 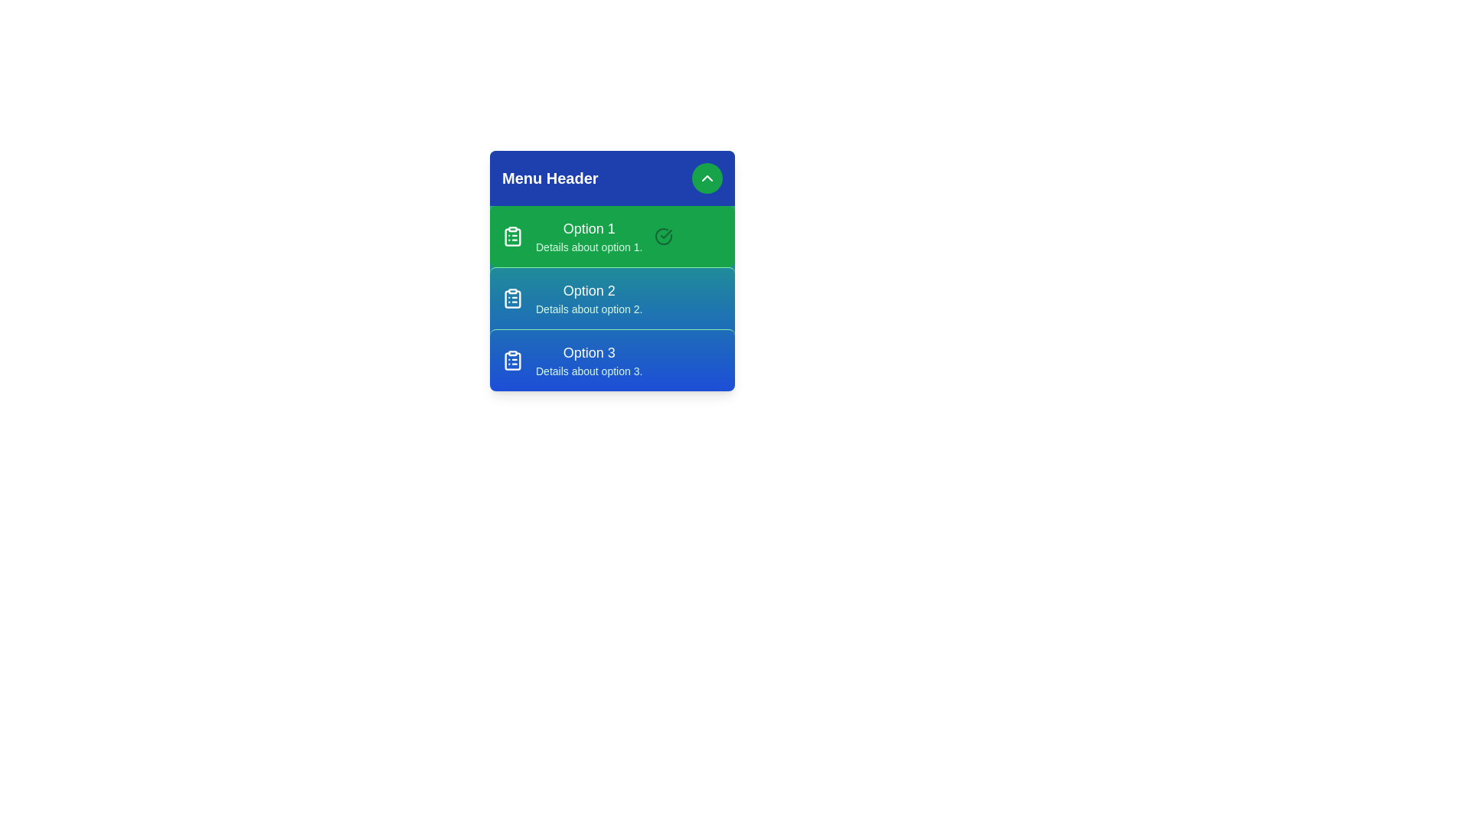 I want to click on the menu header to inspect it, so click(x=612, y=177).